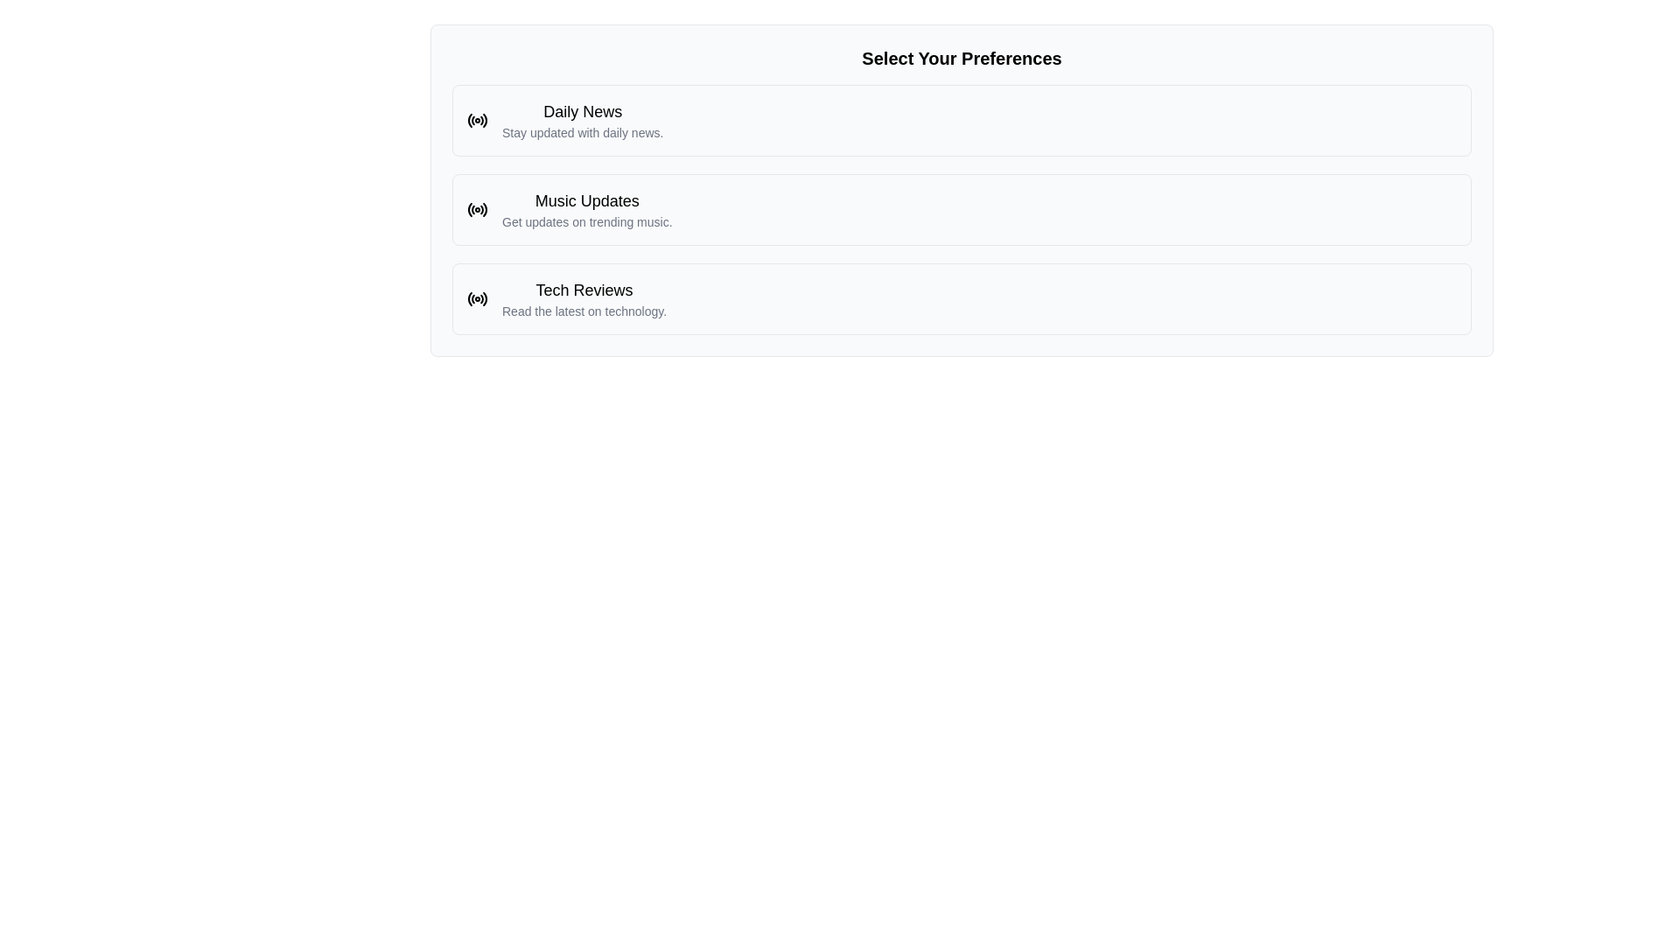  Describe the element at coordinates (478, 298) in the screenshot. I see `the decorative icon located at the leftmost part of the 'Tech Reviews' option, adjacent to the option text` at that location.